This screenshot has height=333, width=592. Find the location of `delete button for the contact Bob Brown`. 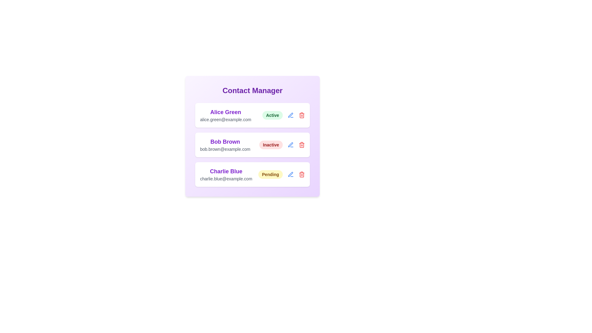

delete button for the contact Bob Brown is located at coordinates (302, 145).